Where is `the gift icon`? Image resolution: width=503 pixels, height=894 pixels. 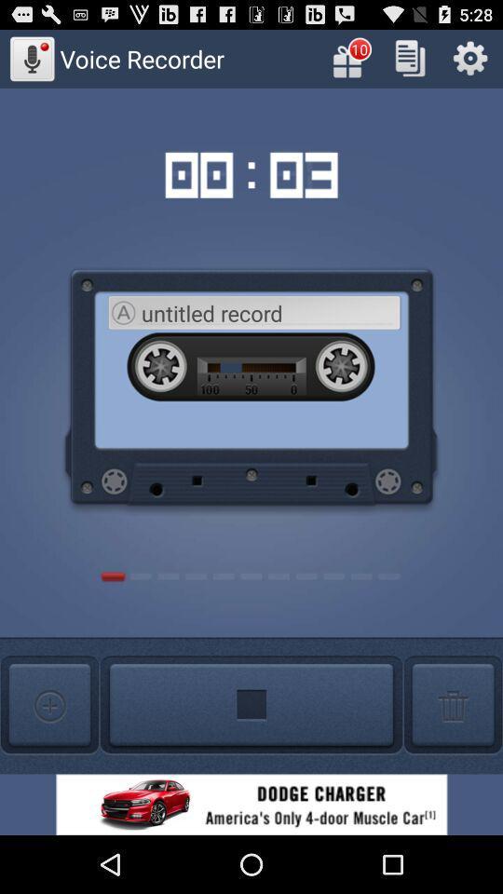 the gift icon is located at coordinates (350, 62).